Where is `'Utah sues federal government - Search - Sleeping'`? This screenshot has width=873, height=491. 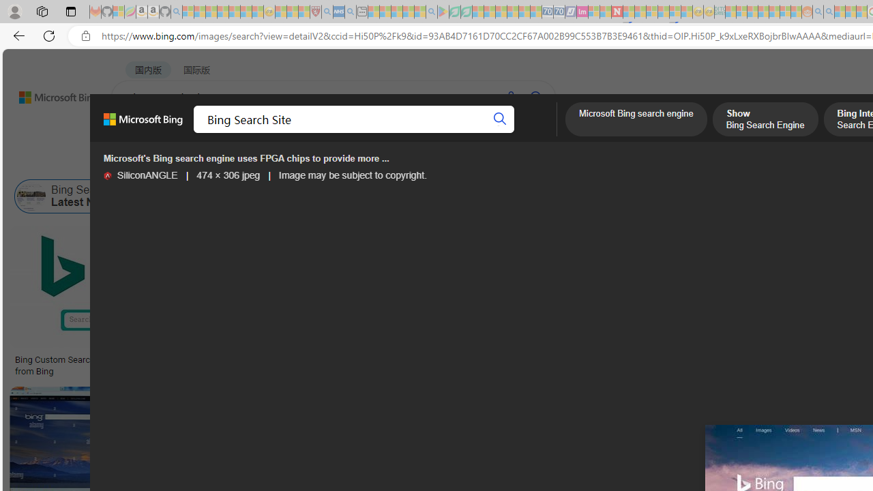 'Utah sues federal government - Search - Sleeping' is located at coordinates (828, 12).